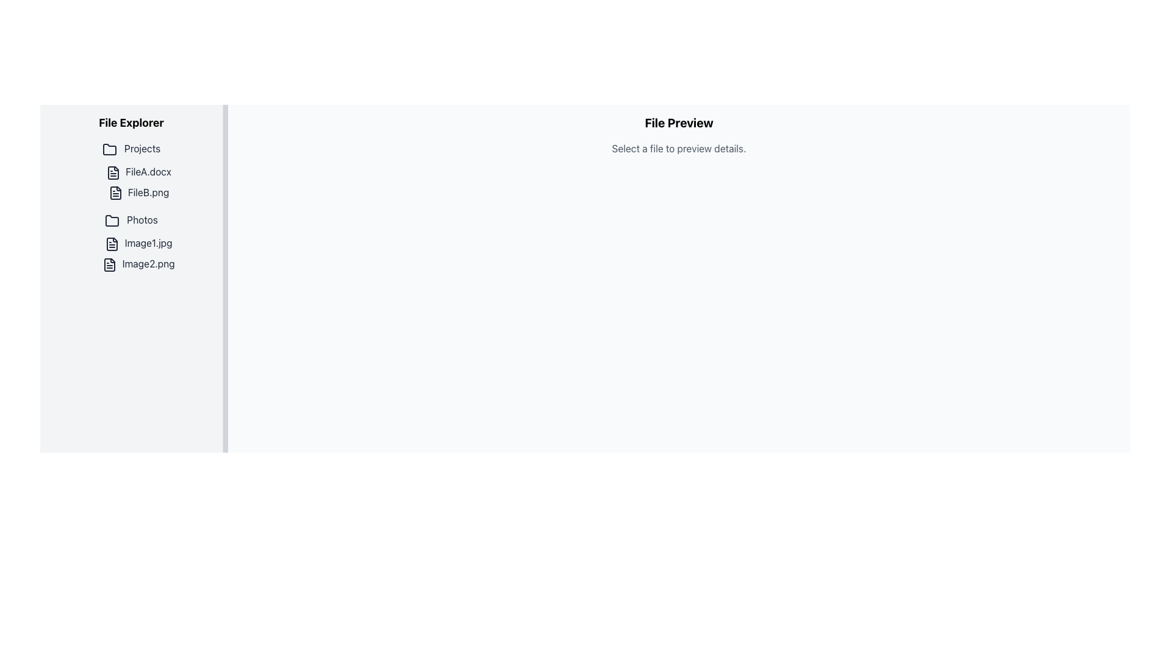 This screenshot has height=658, width=1171. Describe the element at coordinates (109, 149) in the screenshot. I see `the folder icon located in the left-hand panel under the text 'Projects' in the file explorer` at that location.